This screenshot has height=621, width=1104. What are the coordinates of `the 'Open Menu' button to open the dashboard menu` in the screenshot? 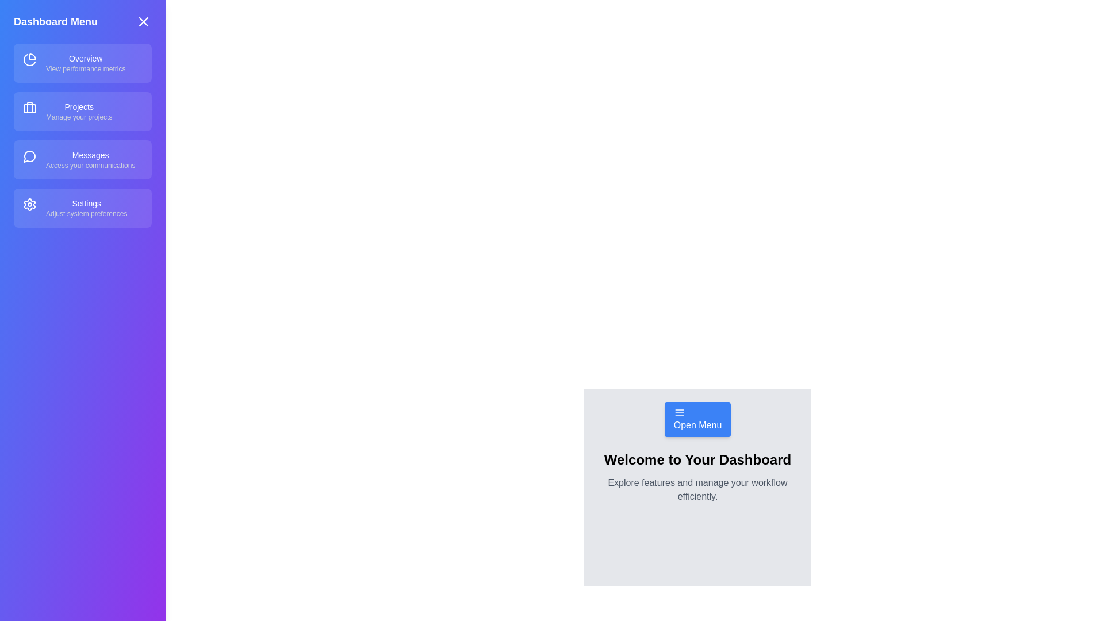 It's located at (697, 419).